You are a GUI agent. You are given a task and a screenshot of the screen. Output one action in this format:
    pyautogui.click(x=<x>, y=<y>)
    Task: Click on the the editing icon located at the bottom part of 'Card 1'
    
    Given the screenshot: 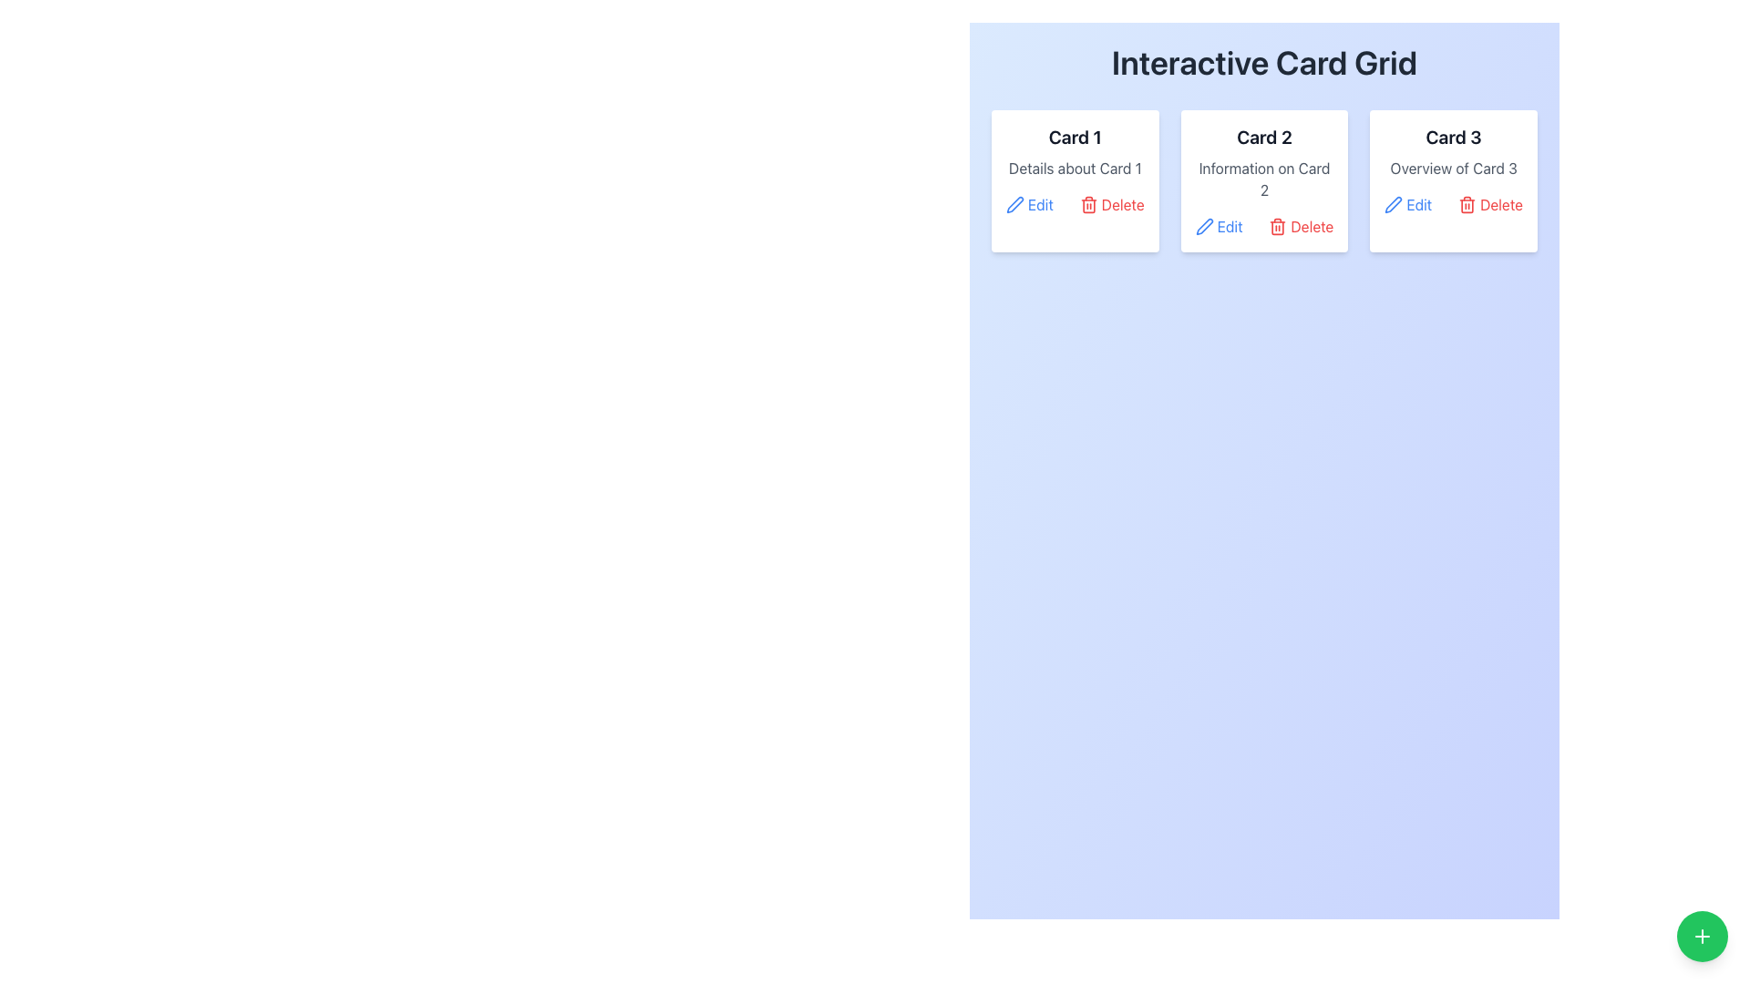 What is the action you would take?
    pyautogui.click(x=1014, y=204)
    